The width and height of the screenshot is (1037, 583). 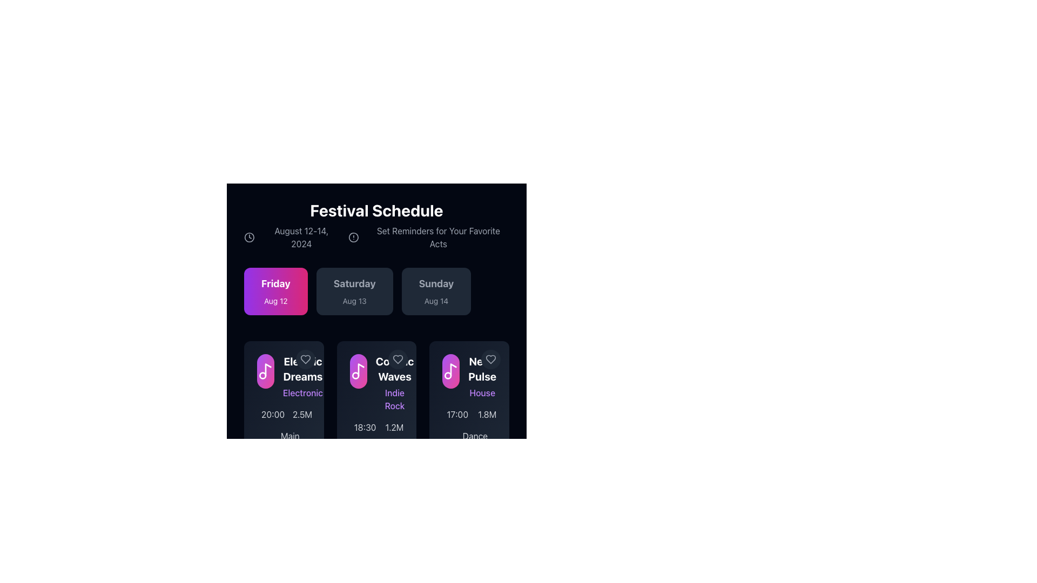 What do you see at coordinates (490, 360) in the screenshot?
I see `the small circular button with a heart icon in the upper-right corner of the 'Neon Pulse' music event card to mark it as favorite` at bounding box center [490, 360].